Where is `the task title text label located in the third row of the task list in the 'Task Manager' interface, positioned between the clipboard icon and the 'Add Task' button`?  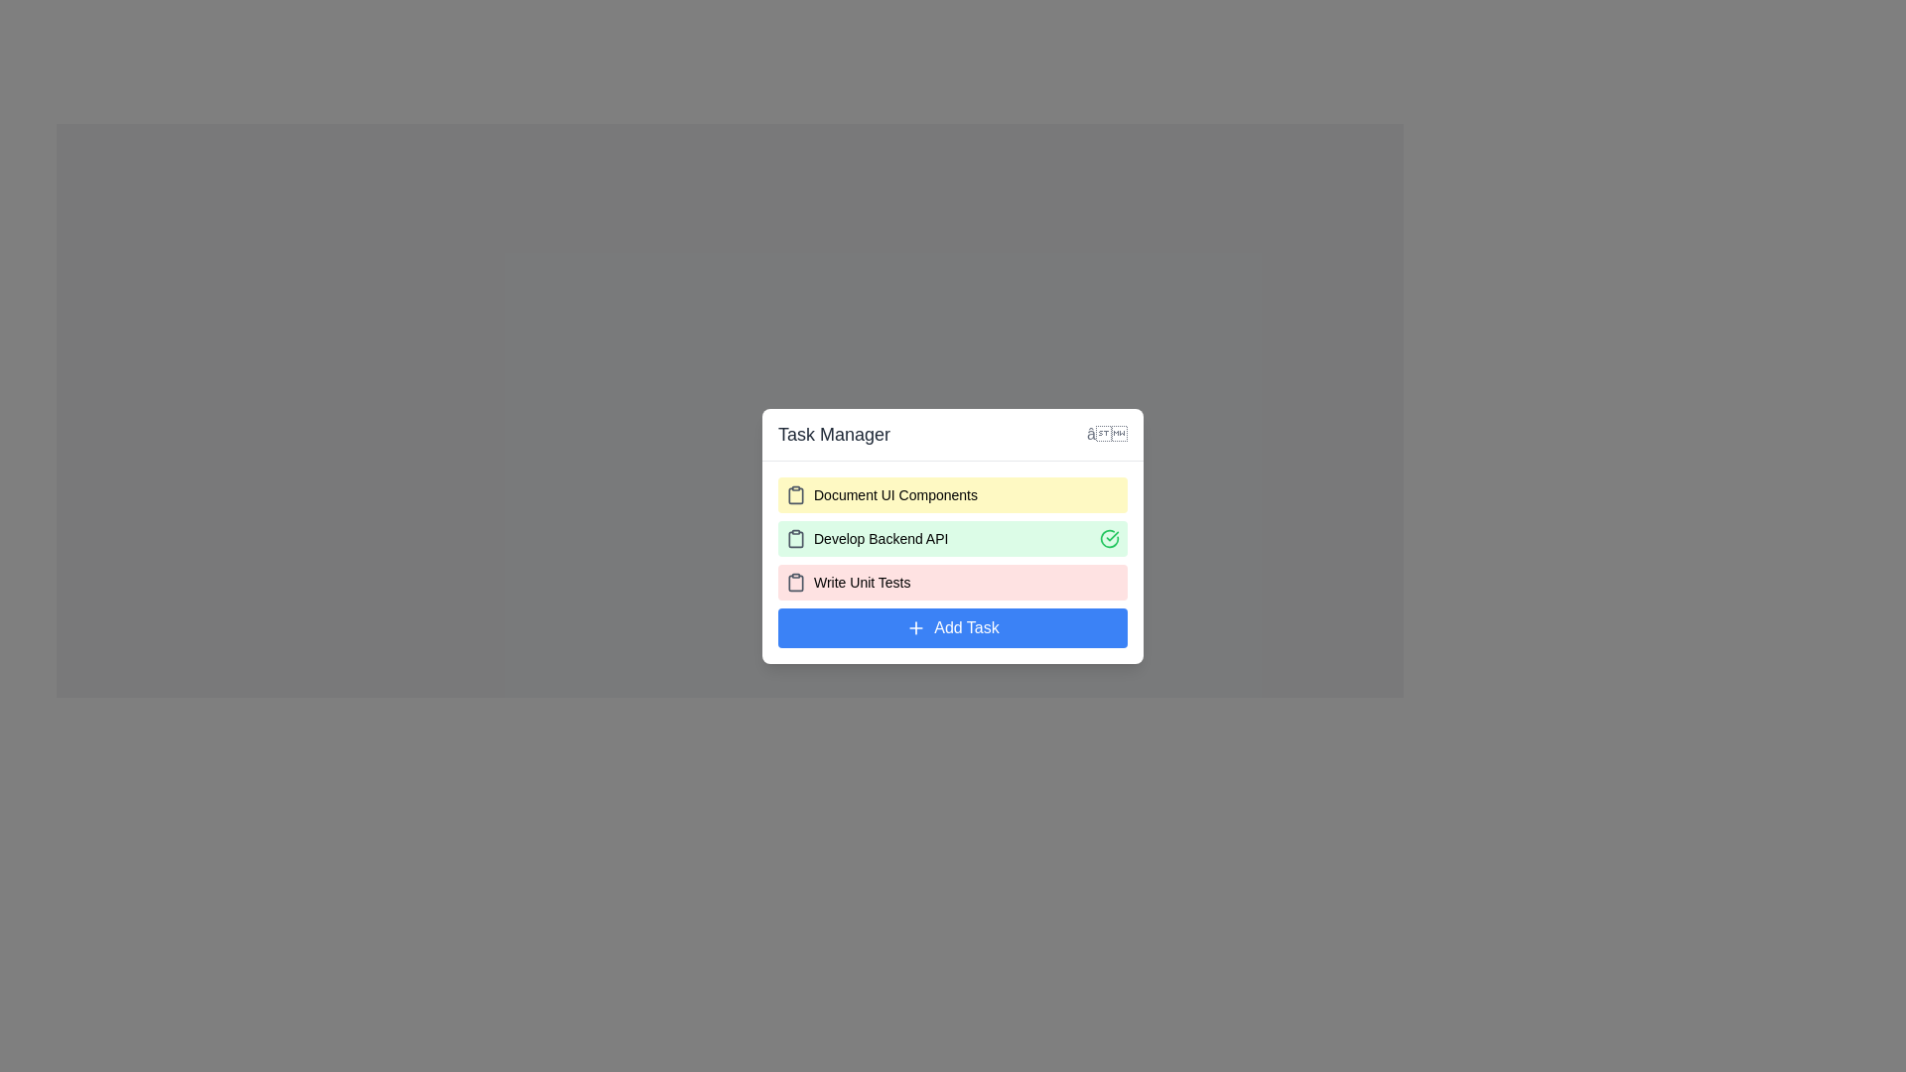 the task title text label located in the third row of the task list in the 'Task Manager' interface, positioned between the clipboard icon and the 'Add Task' button is located at coordinates (862, 581).